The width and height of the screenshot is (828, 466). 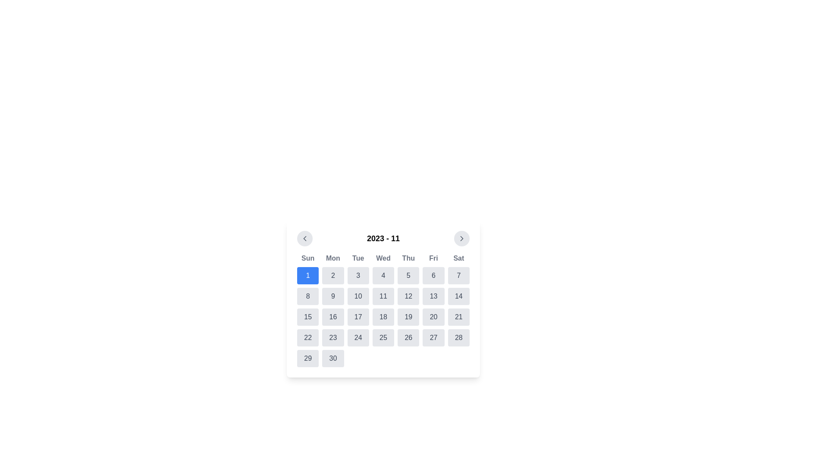 I want to click on the button representing the 16th day in the calendar widget, located in the third row, second column of the grid layout, so click(x=332, y=317).